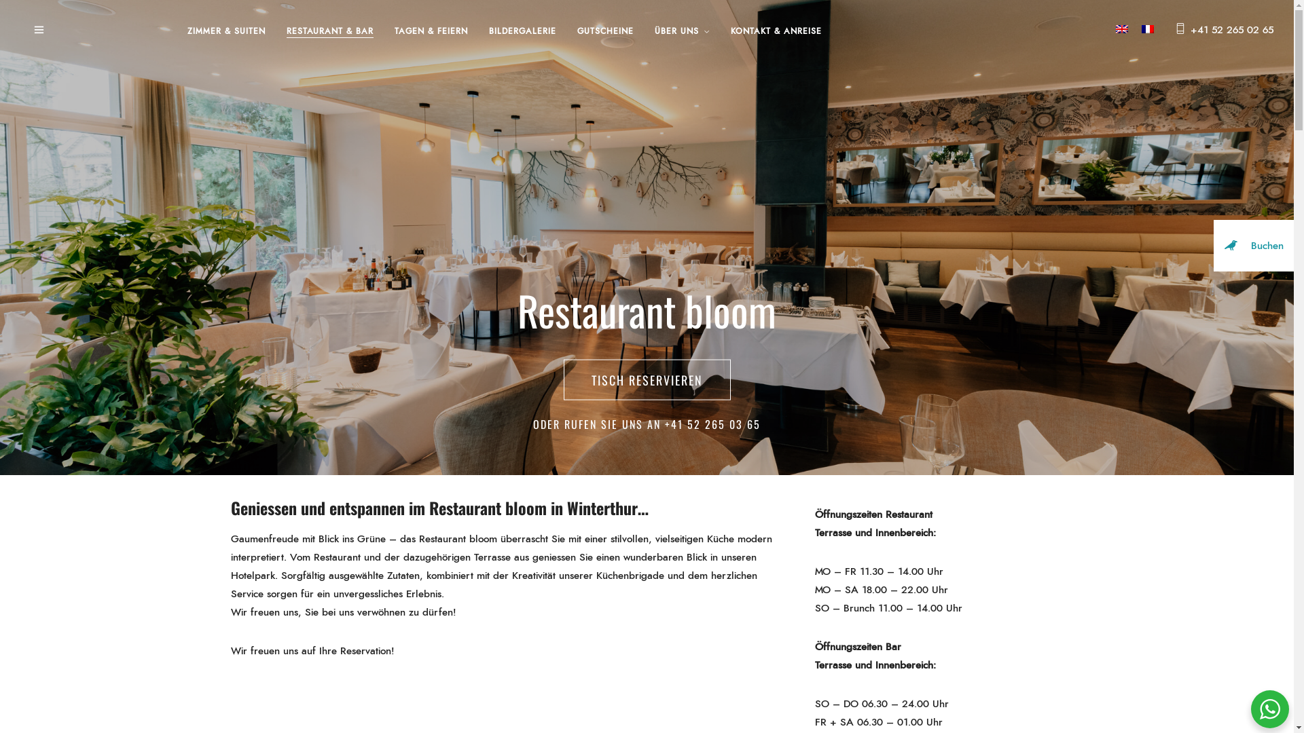  What do you see at coordinates (729, 31) in the screenshot?
I see `'KONTAKT & ANREISE'` at bounding box center [729, 31].